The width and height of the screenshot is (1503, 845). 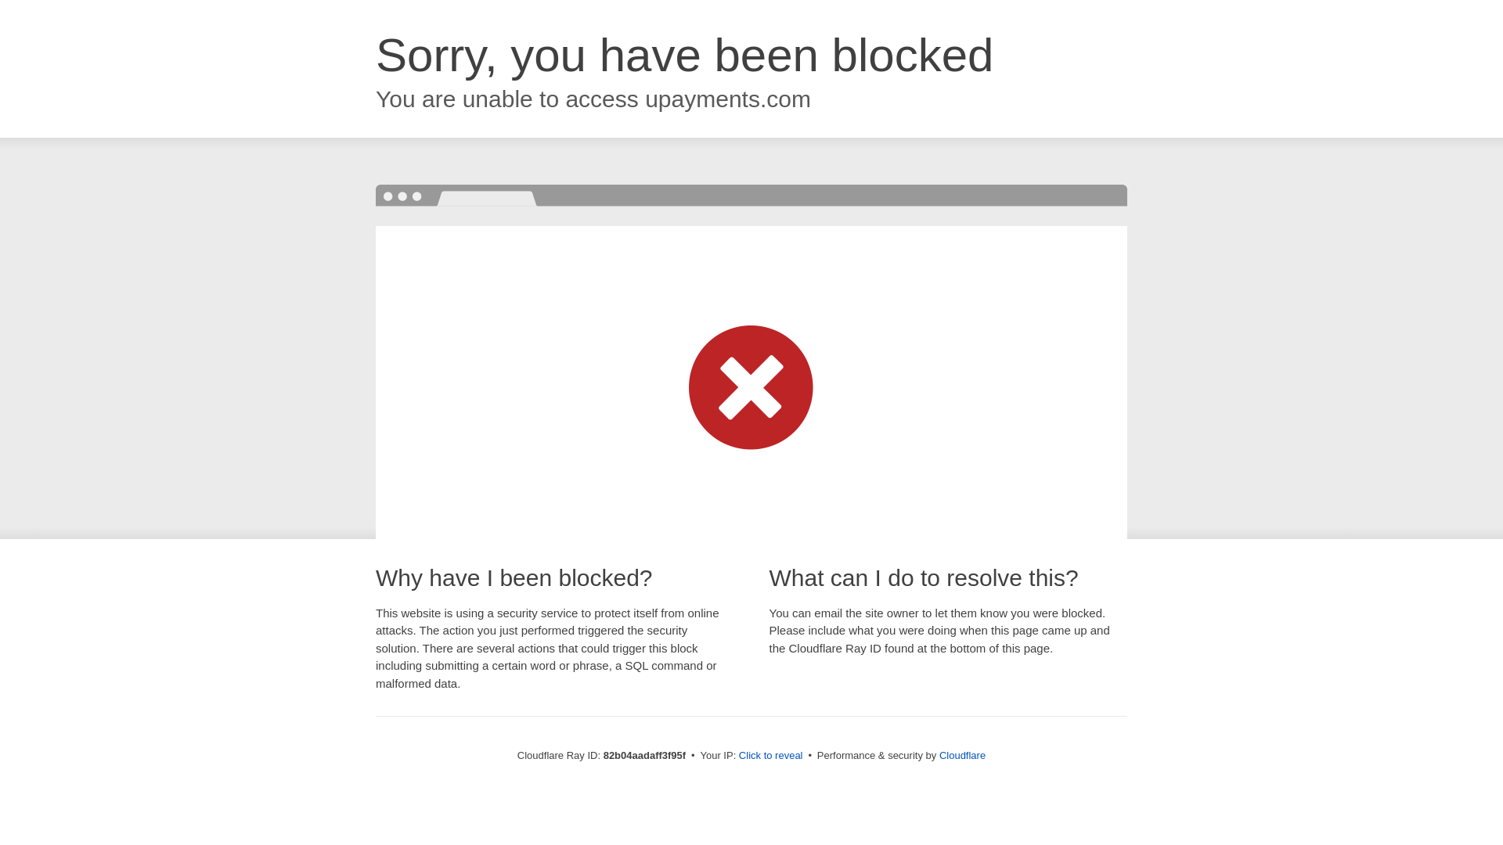 I want to click on 'Cloudflare', so click(x=939, y=754).